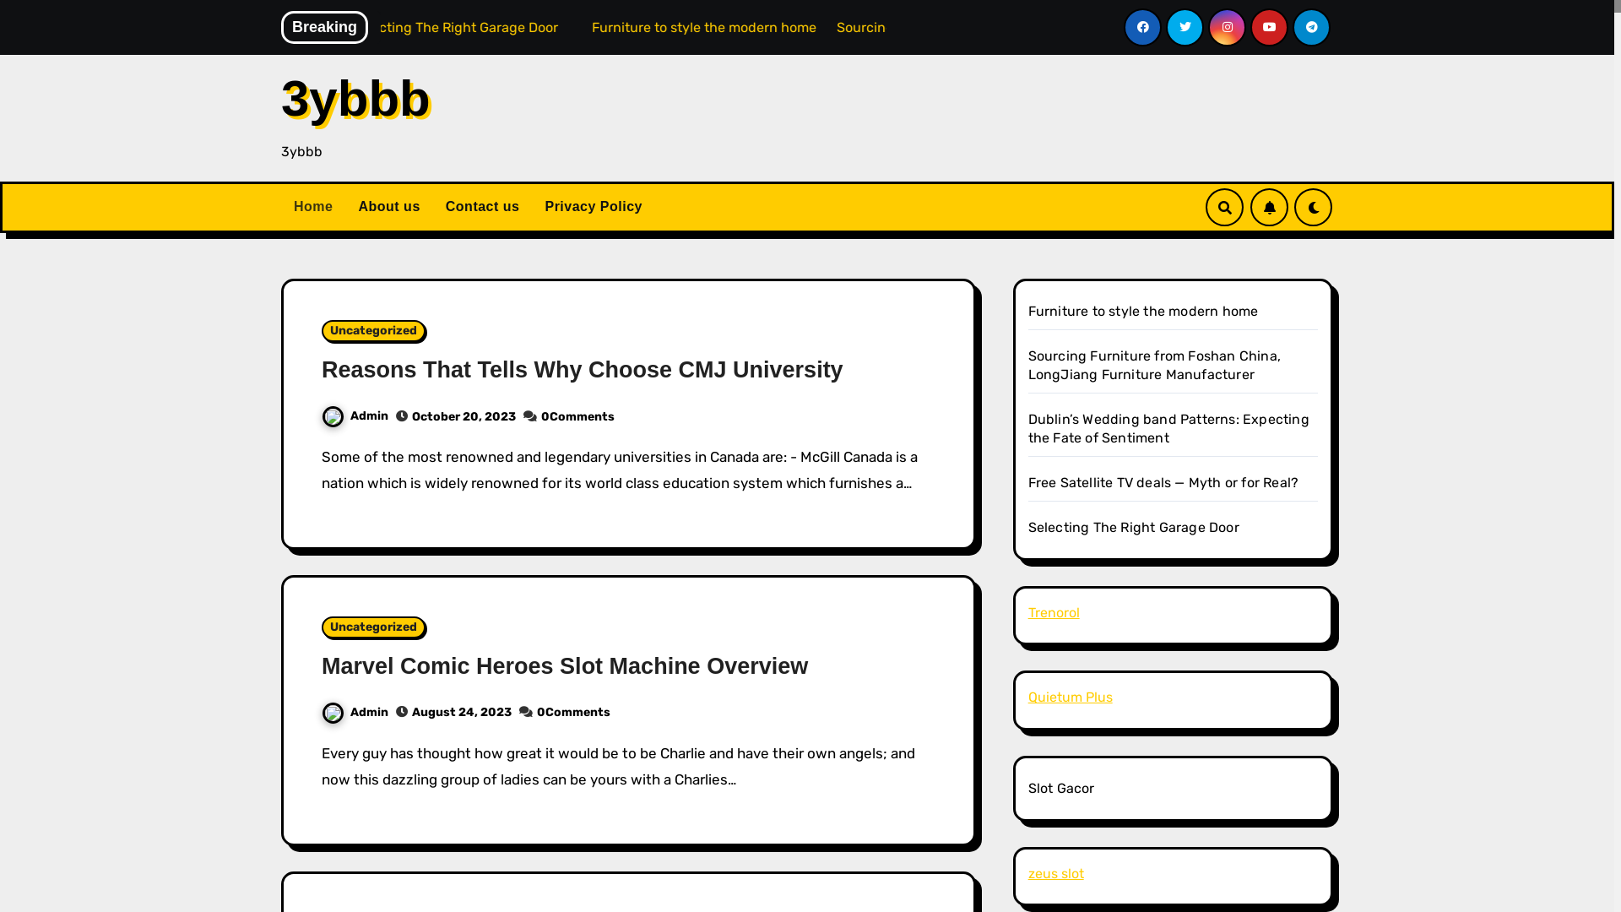 The width and height of the screenshot is (1621, 912). What do you see at coordinates (1027, 788) in the screenshot?
I see `'Slot Gacor'` at bounding box center [1027, 788].